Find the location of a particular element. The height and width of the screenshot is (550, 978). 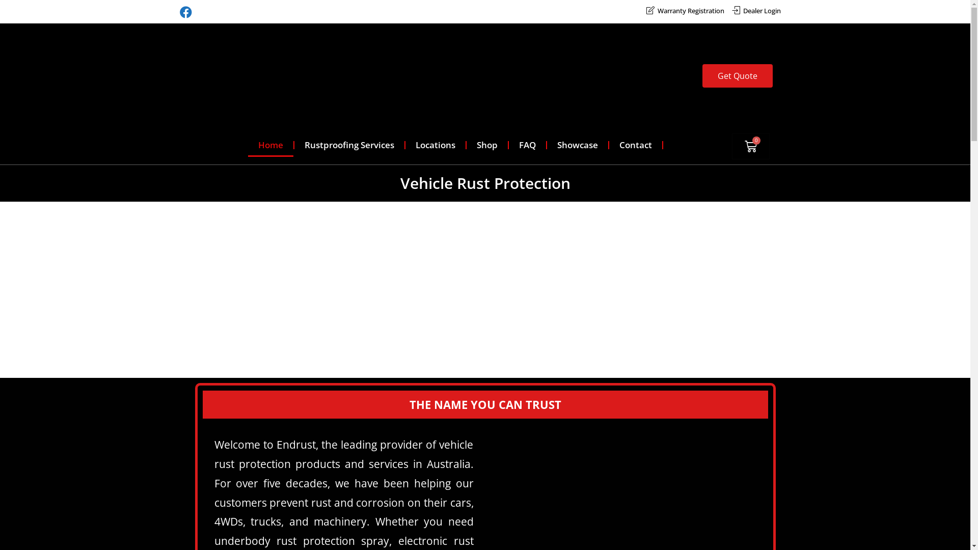

'Get Quote' is located at coordinates (738, 75).